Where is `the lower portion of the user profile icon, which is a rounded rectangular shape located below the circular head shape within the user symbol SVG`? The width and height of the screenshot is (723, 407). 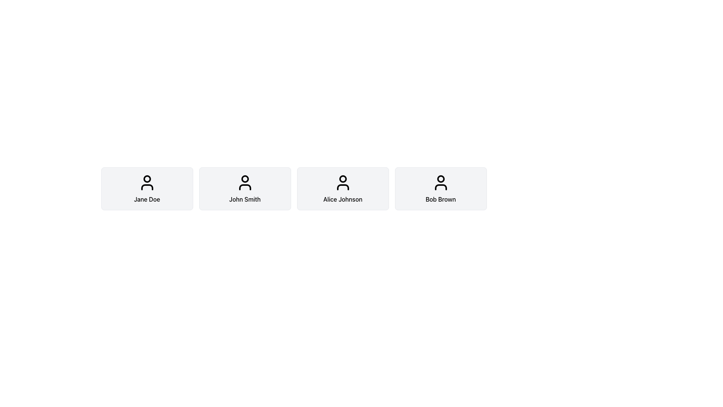 the lower portion of the user profile icon, which is a rounded rectangular shape located below the circular head shape within the user symbol SVG is located at coordinates (147, 187).